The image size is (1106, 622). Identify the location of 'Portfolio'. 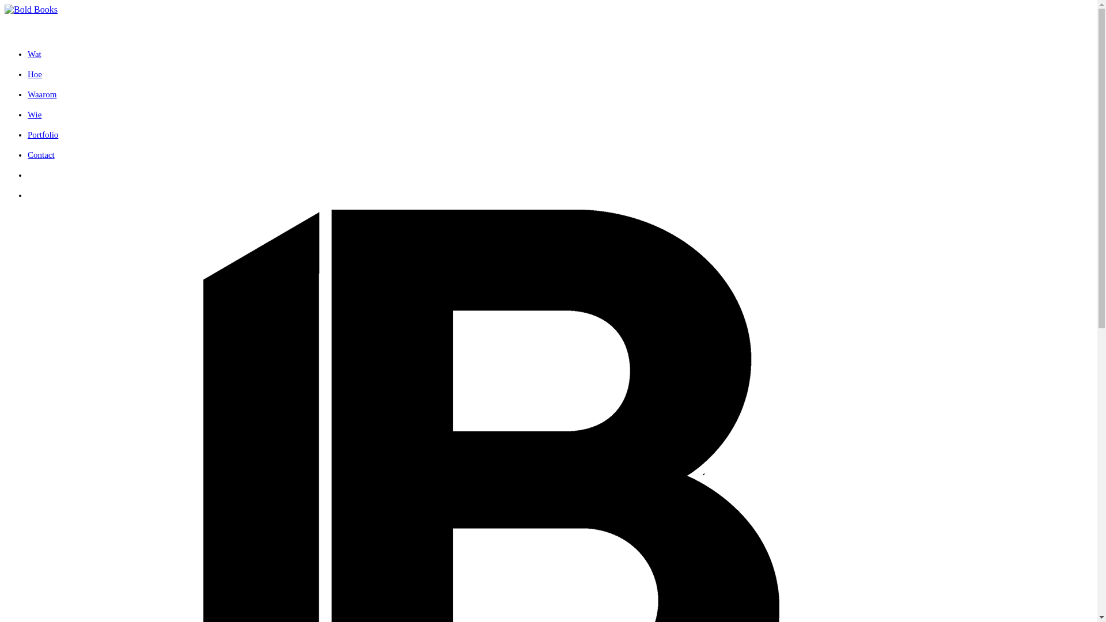
(43, 134).